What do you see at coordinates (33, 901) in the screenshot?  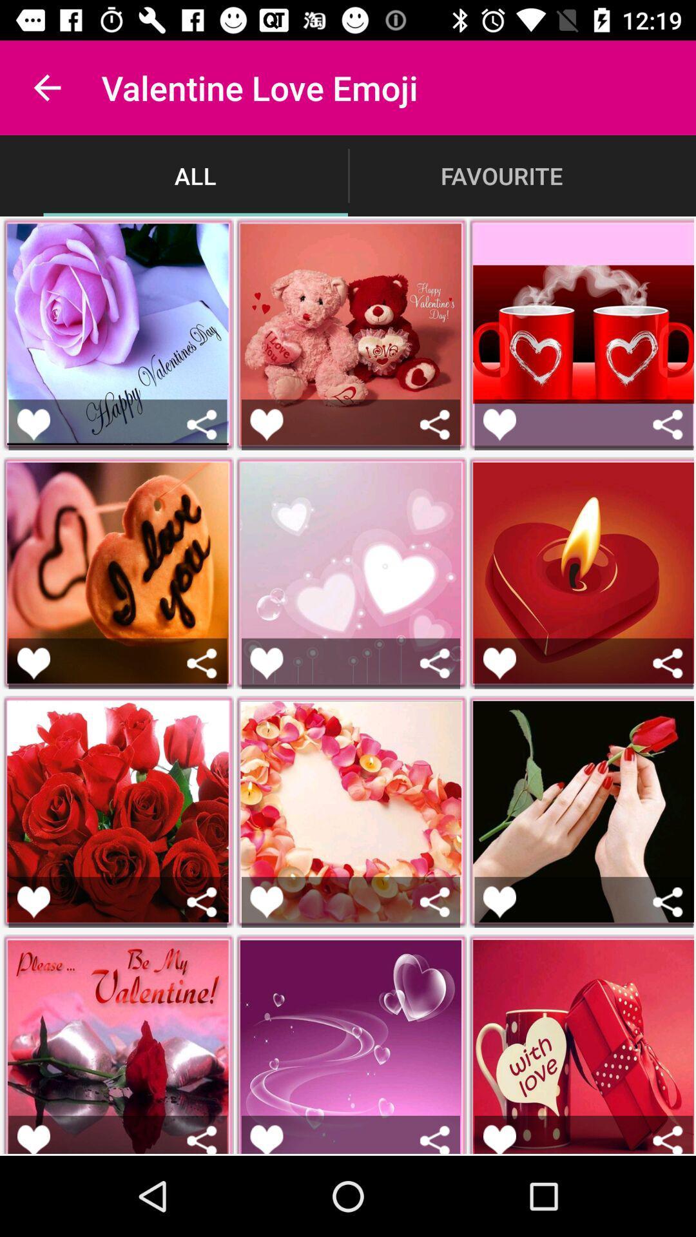 I see `the image` at bounding box center [33, 901].